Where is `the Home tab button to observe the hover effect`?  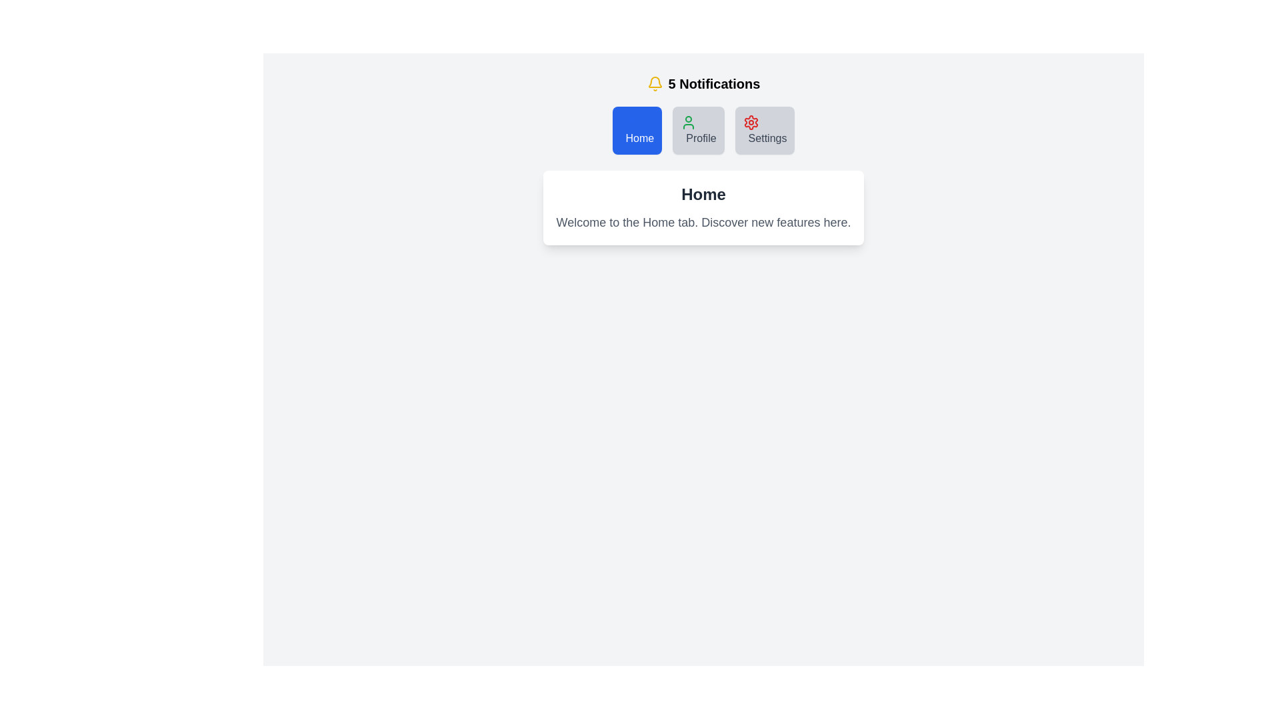
the Home tab button to observe the hover effect is located at coordinates (636, 131).